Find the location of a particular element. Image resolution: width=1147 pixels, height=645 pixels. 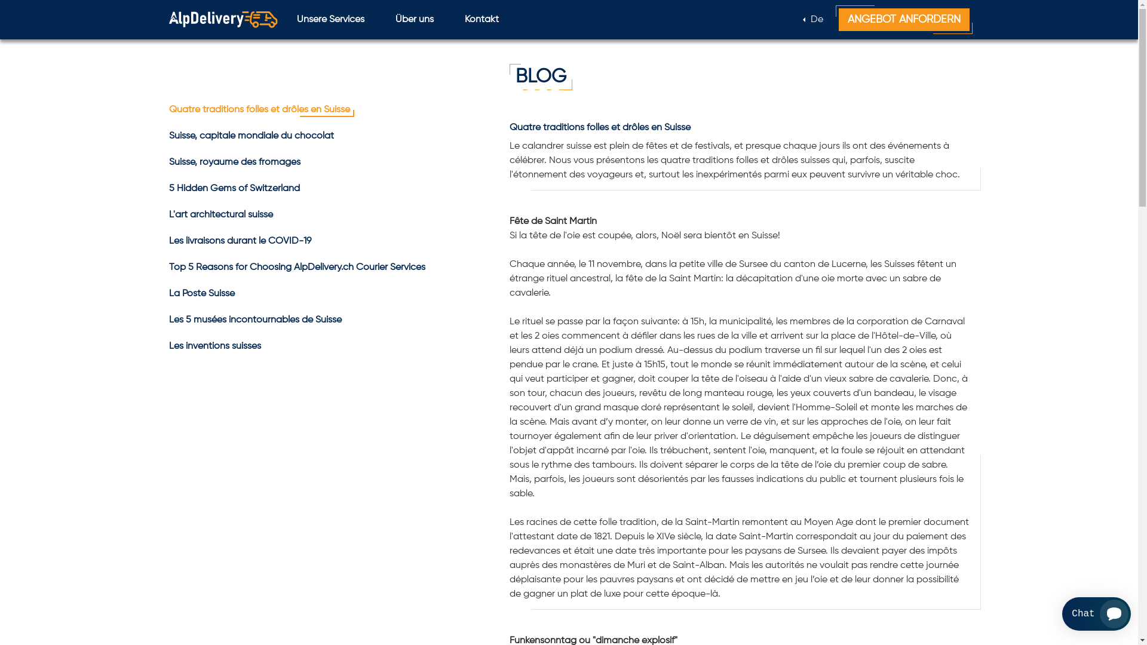

'Les inventions suisses' is located at coordinates (214, 346).